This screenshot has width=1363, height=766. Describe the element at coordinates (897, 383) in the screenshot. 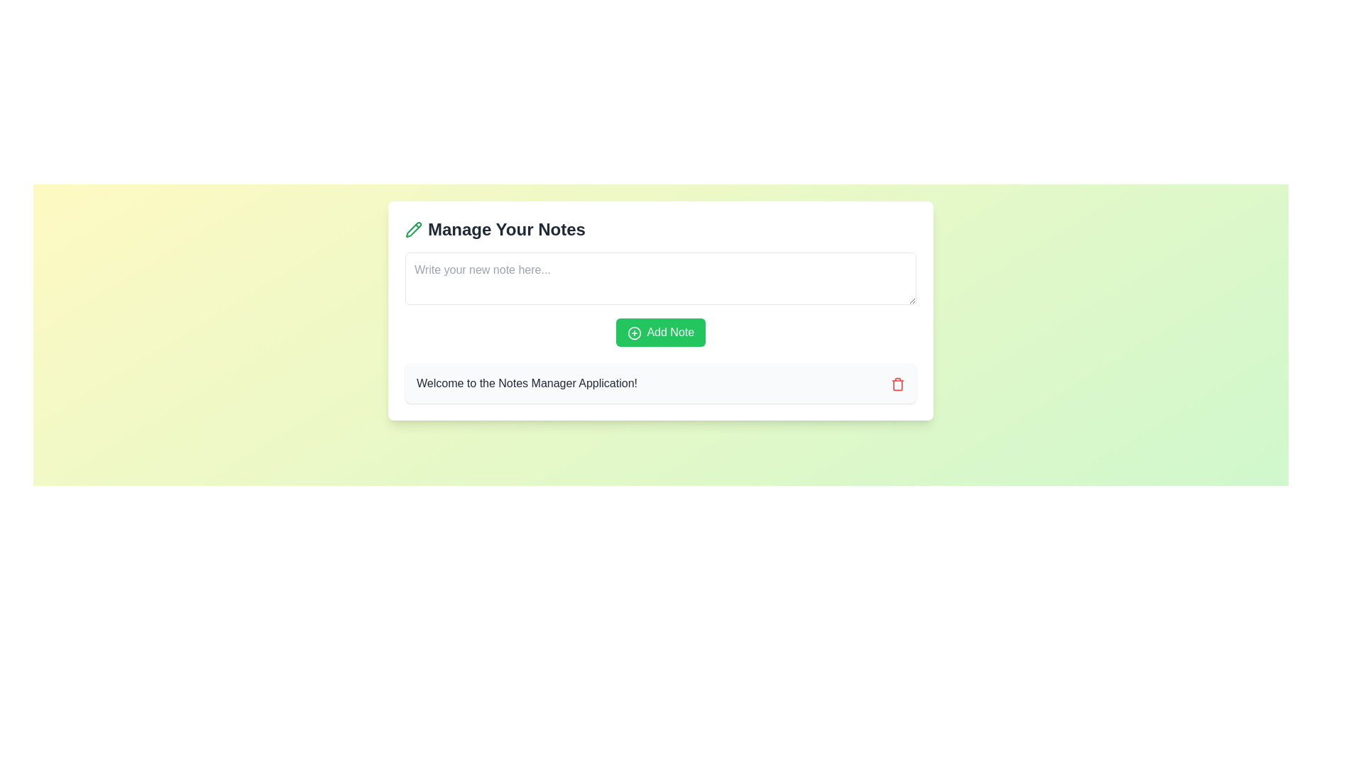

I see `the red trash can icon button located at the top-right end of the card containing the text 'Welcome to the Notes Manager Application!'` at that location.